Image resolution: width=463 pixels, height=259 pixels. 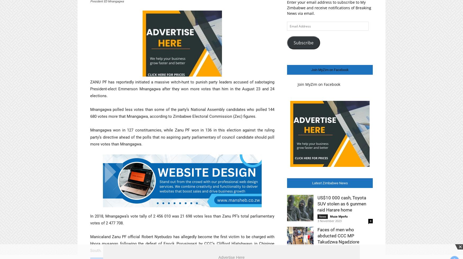 What do you see at coordinates (182, 219) in the screenshot?
I see `'In 2018, Mnangagwa’s vote tally of 2 456 010 was 21 698 votes less than Zanu PF’s total parliamentary votes of 2 477 708.'` at bounding box center [182, 219].